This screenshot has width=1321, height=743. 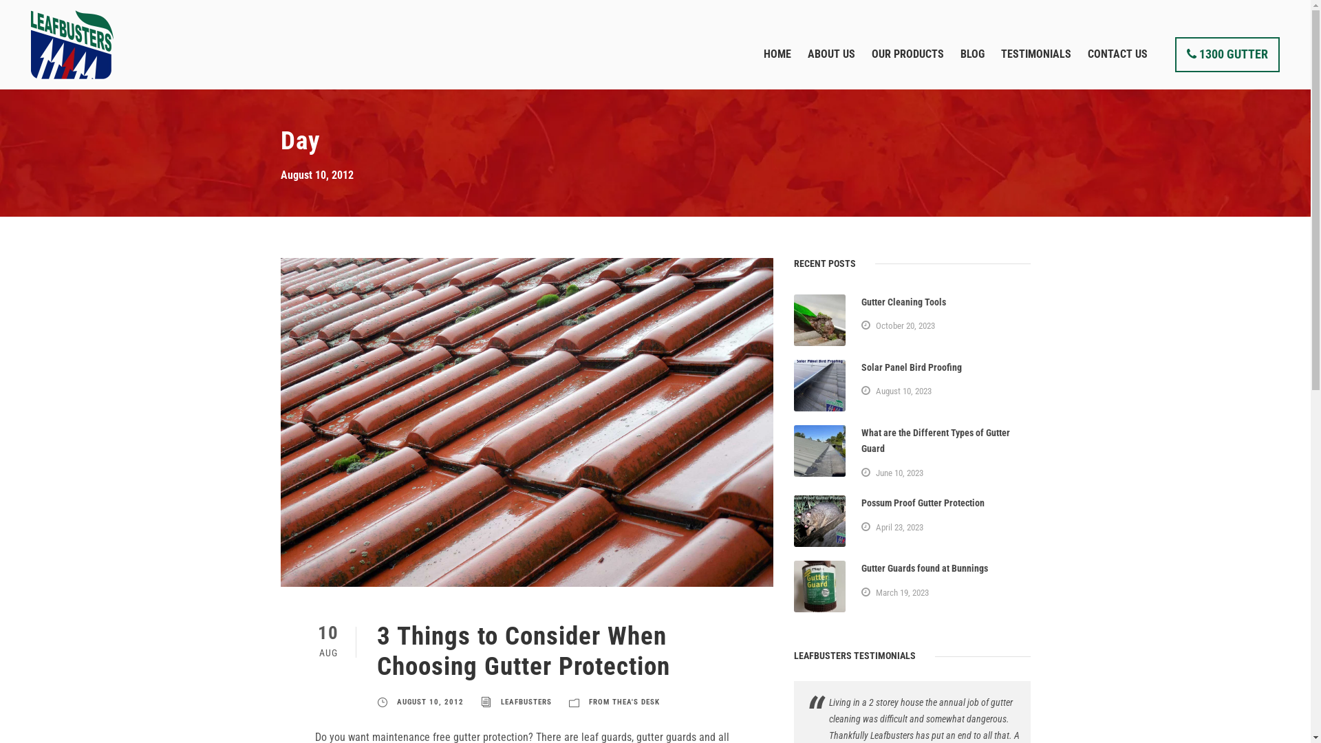 I want to click on 'March 19, 2023', so click(x=874, y=592).